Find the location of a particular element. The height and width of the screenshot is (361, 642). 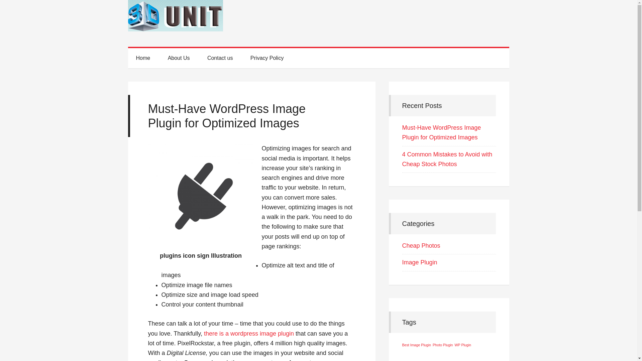

'About Us' is located at coordinates (159, 57).